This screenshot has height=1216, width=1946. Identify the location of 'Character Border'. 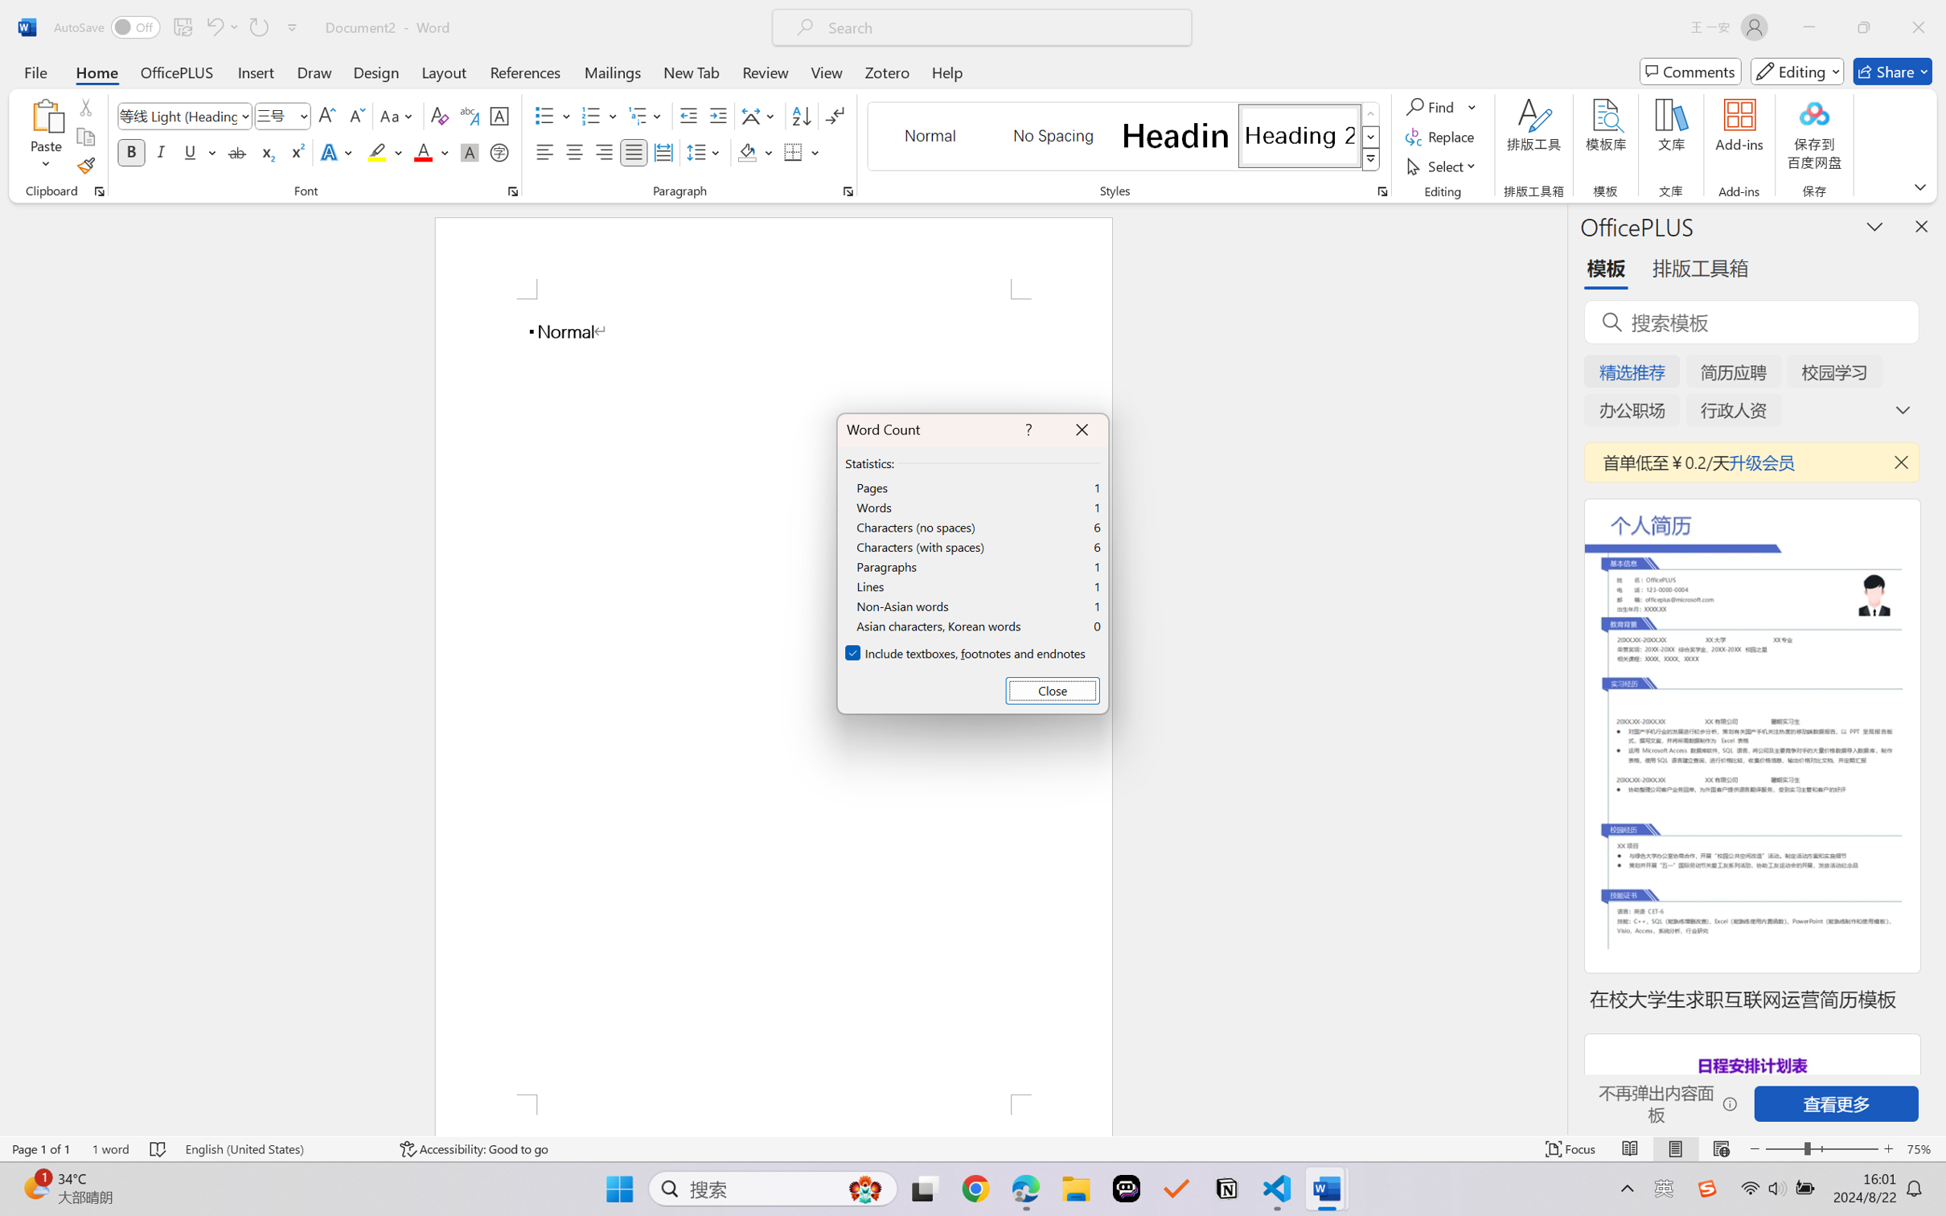
(499, 116).